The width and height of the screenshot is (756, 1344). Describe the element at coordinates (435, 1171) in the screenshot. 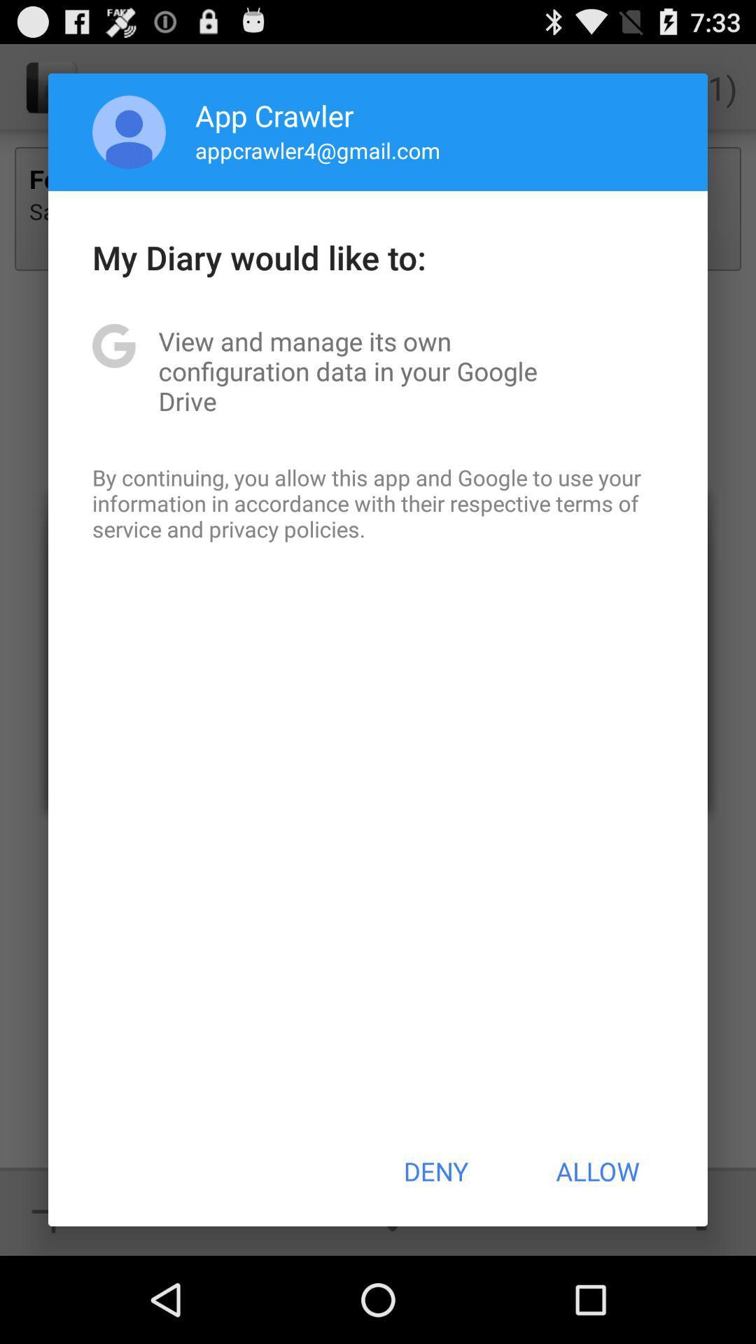

I see `the item at the bottom` at that location.